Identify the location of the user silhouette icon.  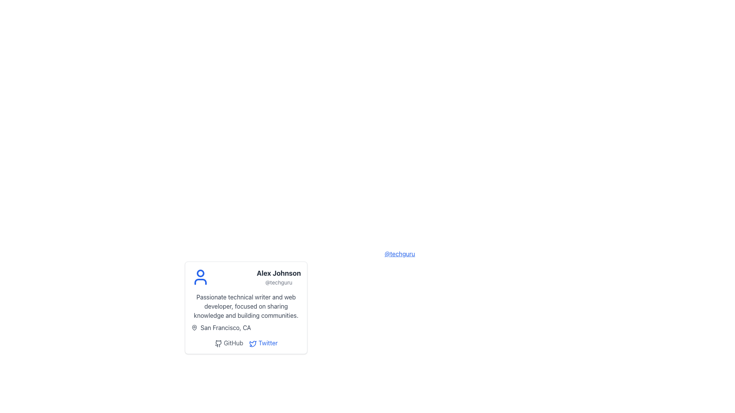
(200, 277).